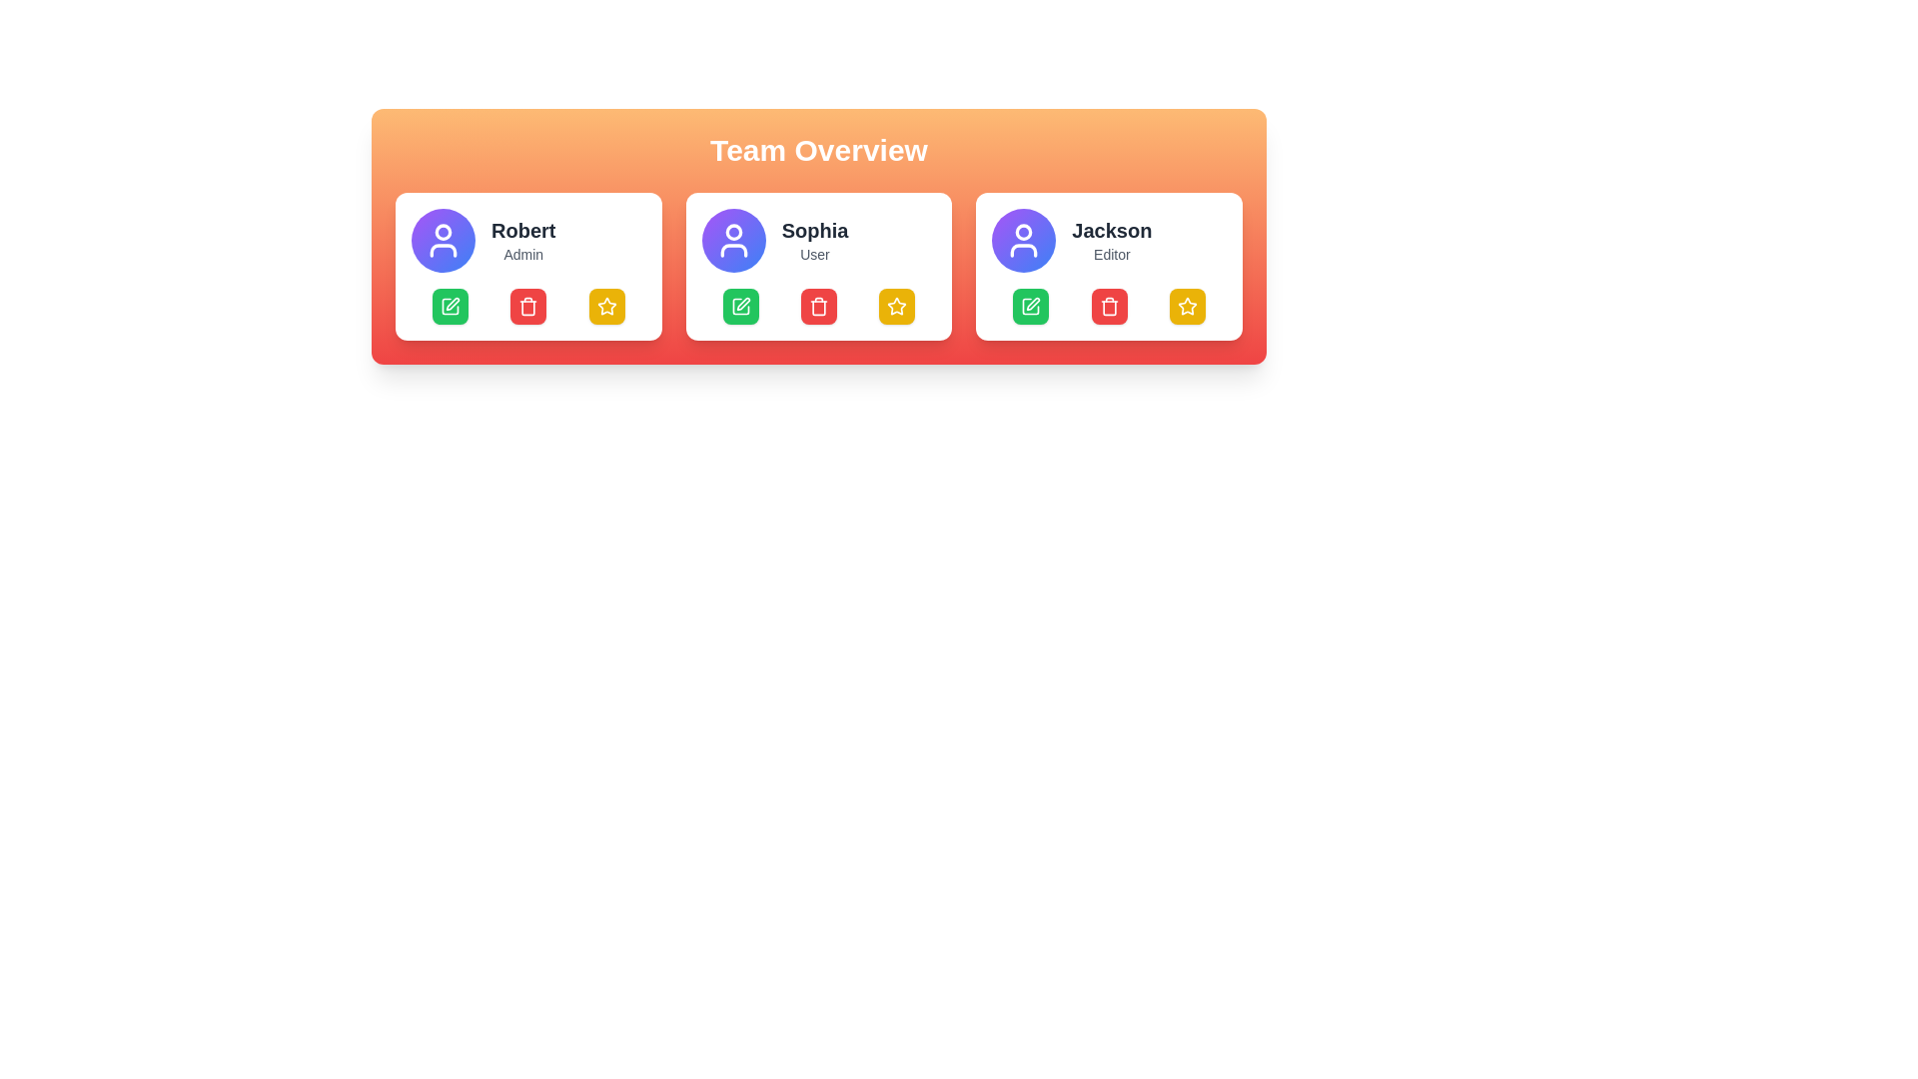  What do you see at coordinates (605, 307) in the screenshot?
I see `the star icon button located in the bottom-right corner of the user card labeled 'Robert' in the 'Team Overview' section` at bounding box center [605, 307].